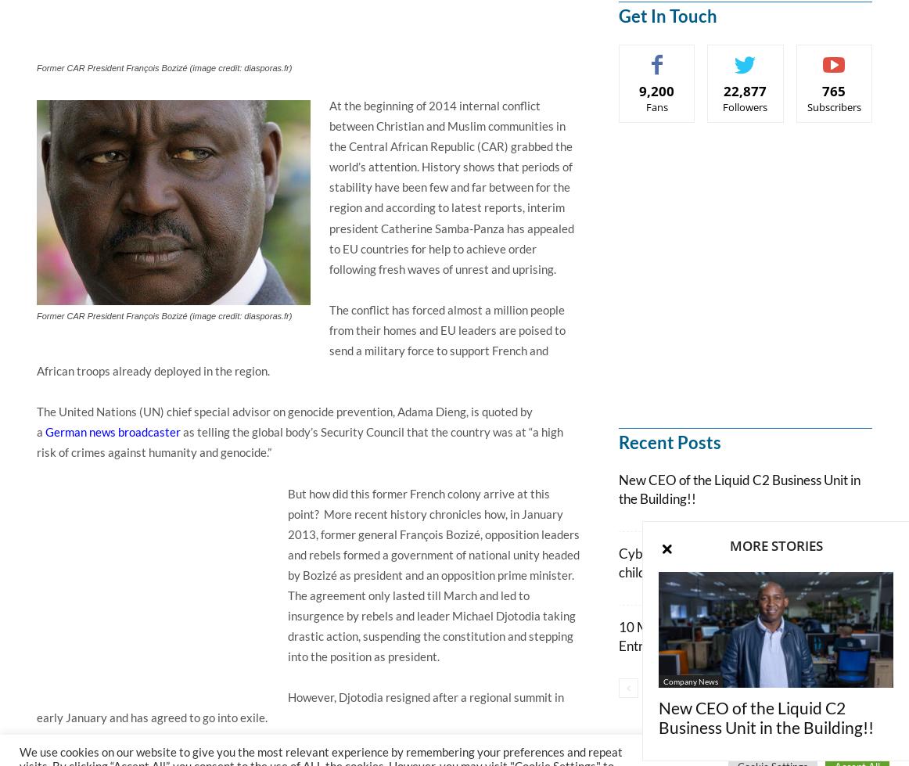 The width and height of the screenshot is (909, 766). What do you see at coordinates (645, 106) in the screenshot?
I see `'Fans'` at bounding box center [645, 106].